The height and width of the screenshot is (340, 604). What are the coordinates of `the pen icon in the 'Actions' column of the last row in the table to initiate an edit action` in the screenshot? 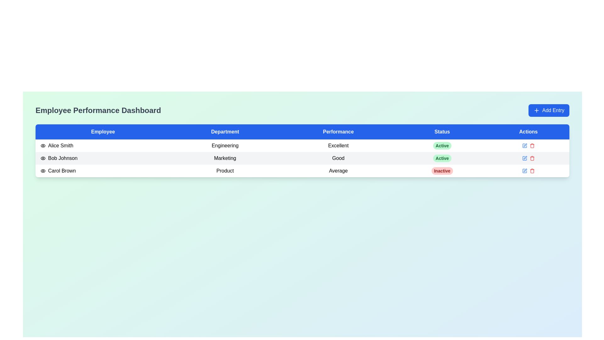 It's located at (524, 145).